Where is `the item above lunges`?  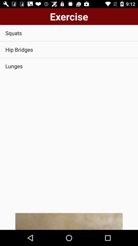 the item above lunges is located at coordinates (69, 49).